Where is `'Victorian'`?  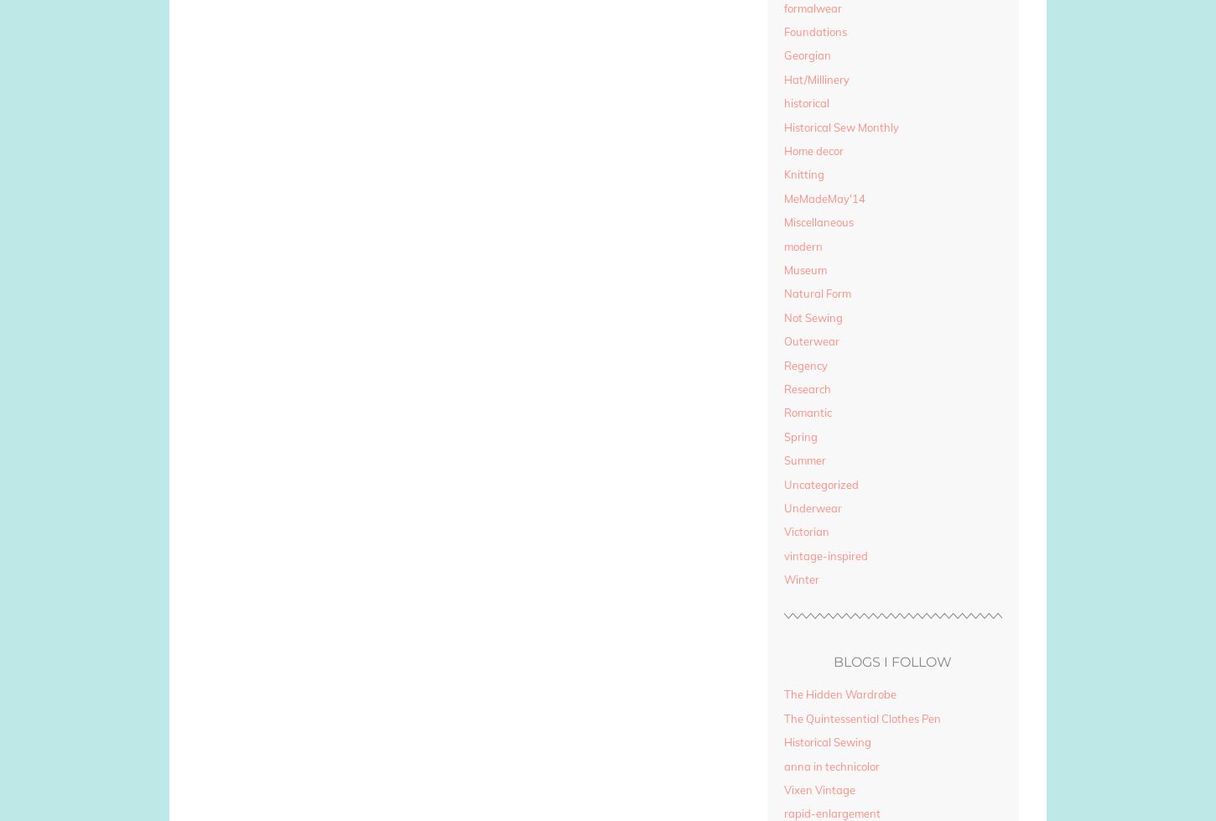
'Victorian' is located at coordinates (805, 531).